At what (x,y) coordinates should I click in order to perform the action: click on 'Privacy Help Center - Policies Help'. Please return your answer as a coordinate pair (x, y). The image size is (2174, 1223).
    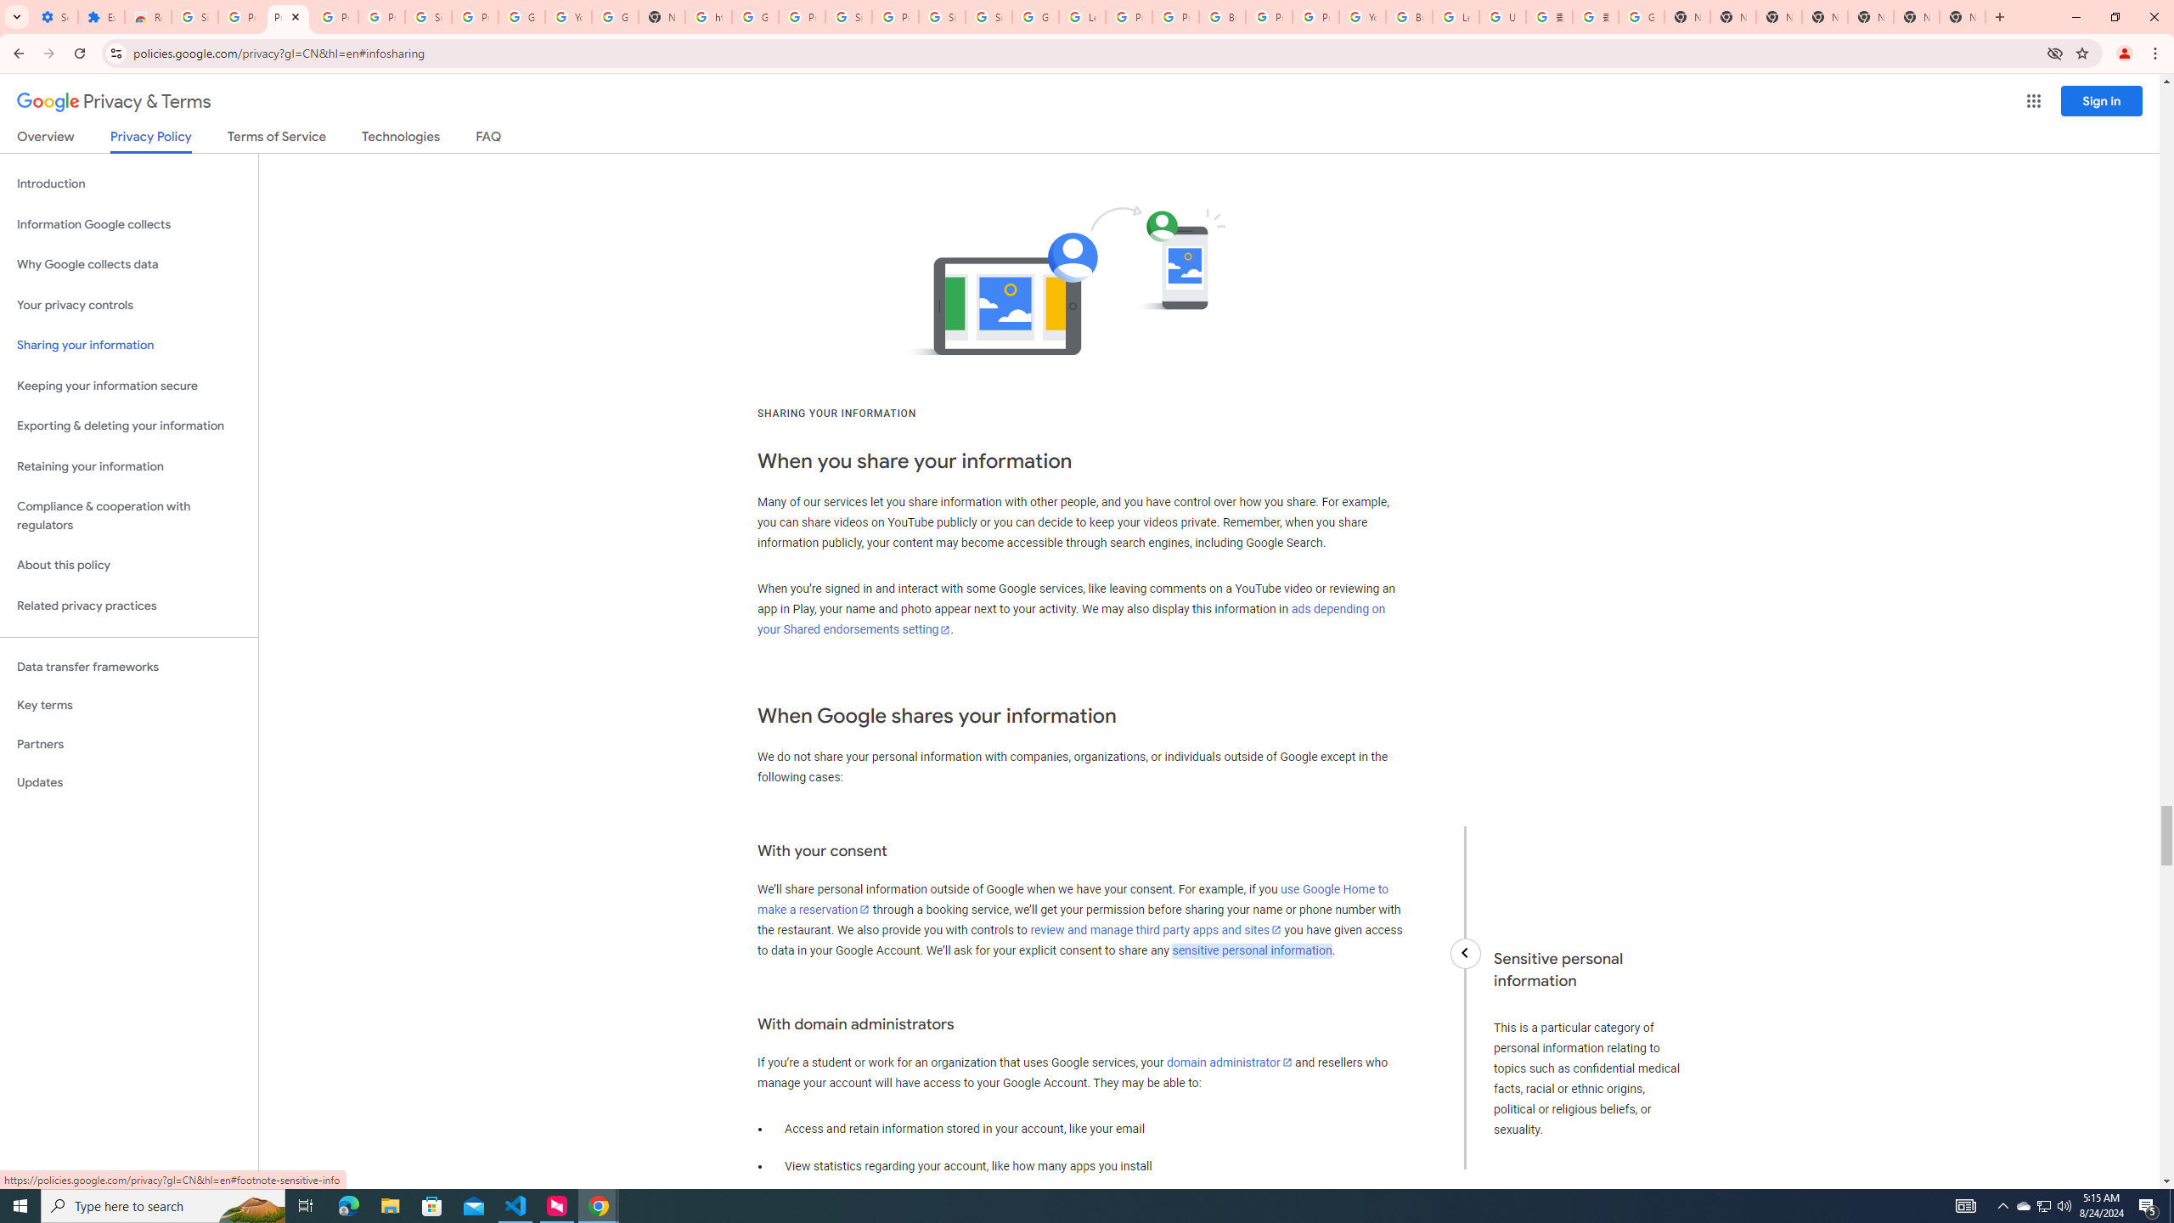
    Looking at the image, I should click on (1174, 16).